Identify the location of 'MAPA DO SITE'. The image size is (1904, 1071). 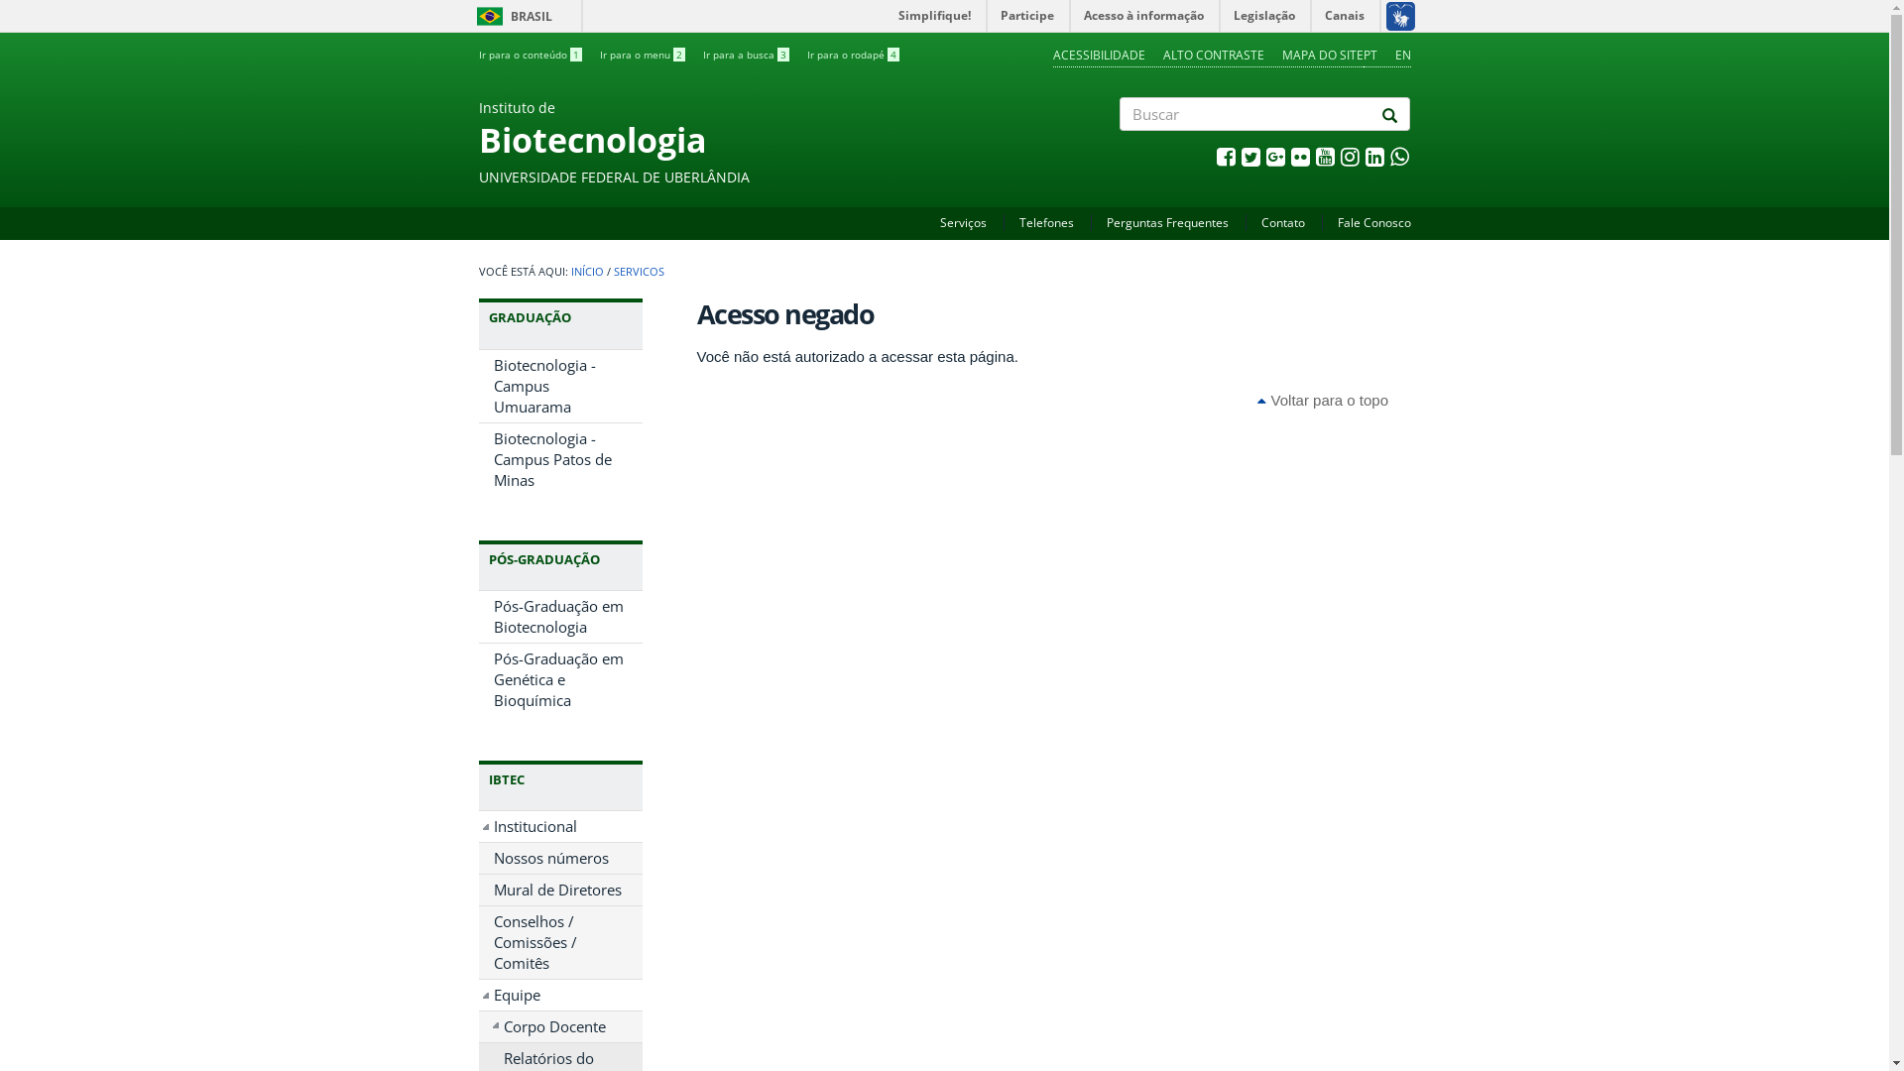
(1322, 54).